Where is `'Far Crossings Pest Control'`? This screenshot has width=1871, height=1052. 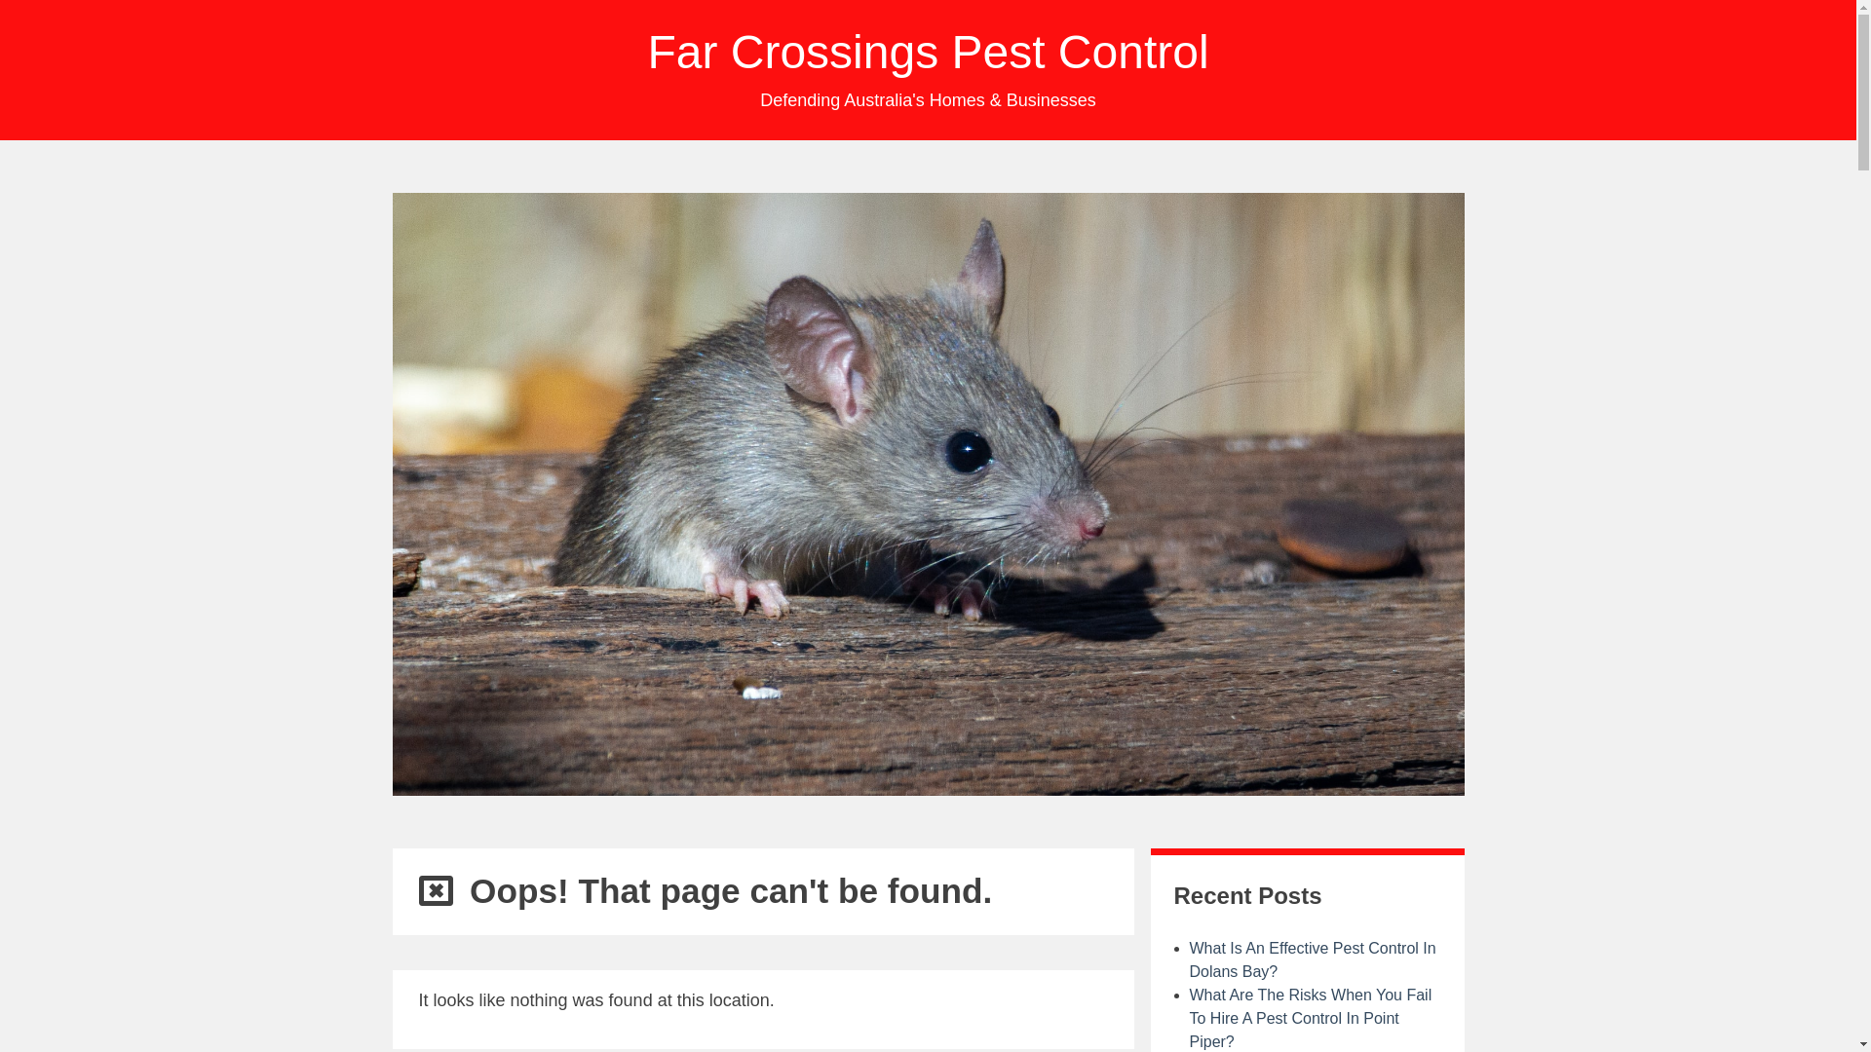
'Far Crossings Pest Control' is located at coordinates (926, 51).